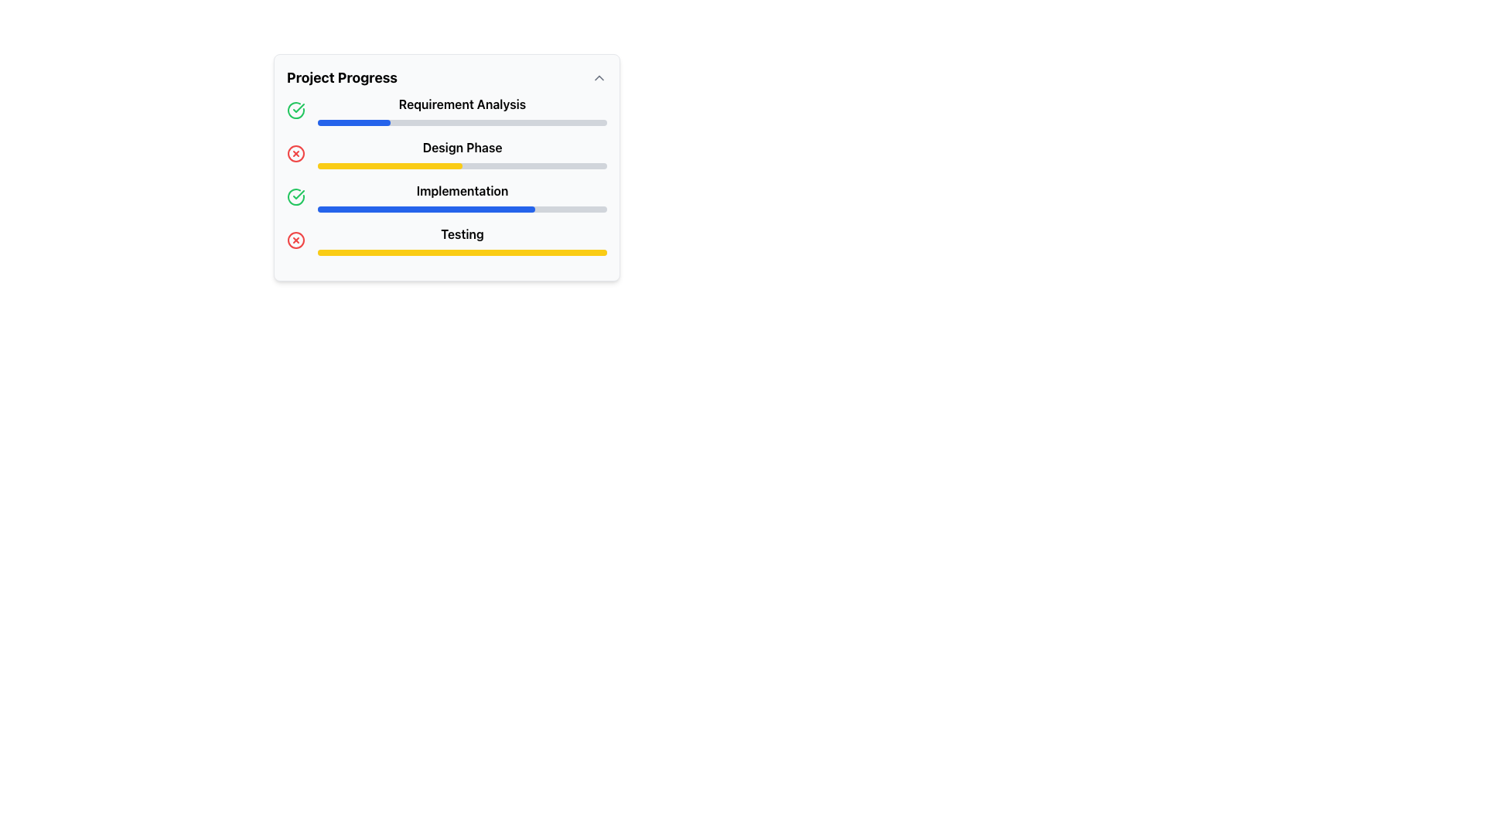  What do you see at coordinates (462, 121) in the screenshot?
I see `the first horizontal progress bar under the 'Requirement Analysis' label, indicating 25% progress in the 'Project Progress' section` at bounding box center [462, 121].